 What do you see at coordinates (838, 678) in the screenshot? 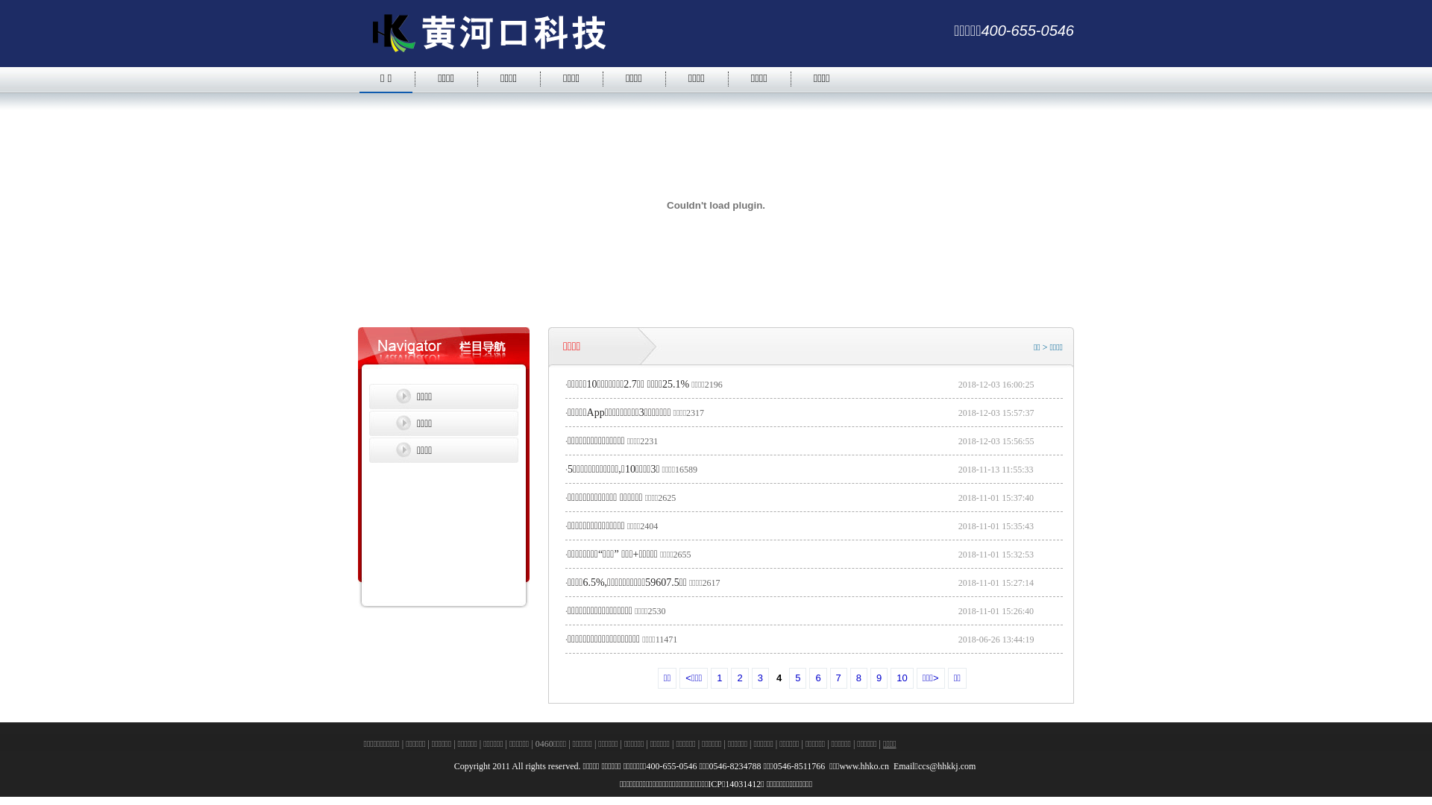
I see `'7'` at bounding box center [838, 678].